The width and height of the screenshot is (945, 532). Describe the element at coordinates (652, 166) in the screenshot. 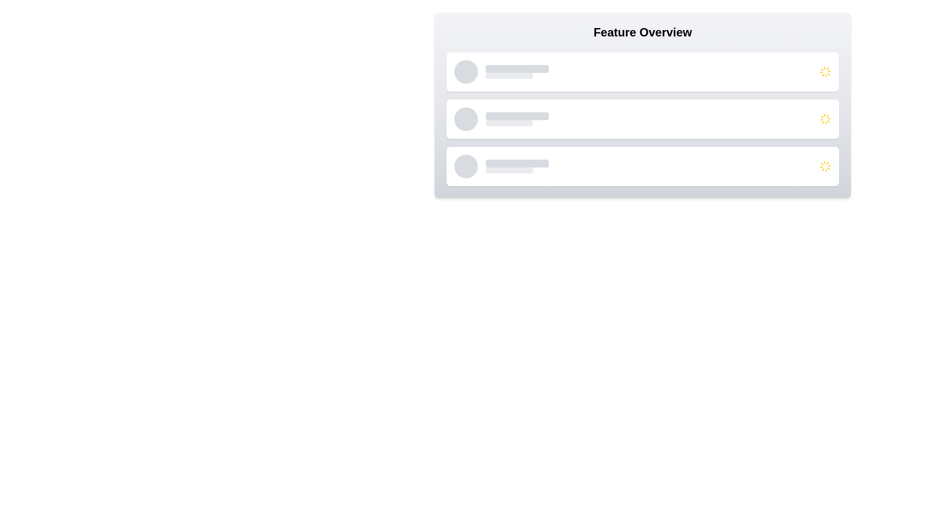

I see `the third visible item in the vertical list of outlined cards, which serves as a placeholder or loading indicator` at that location.